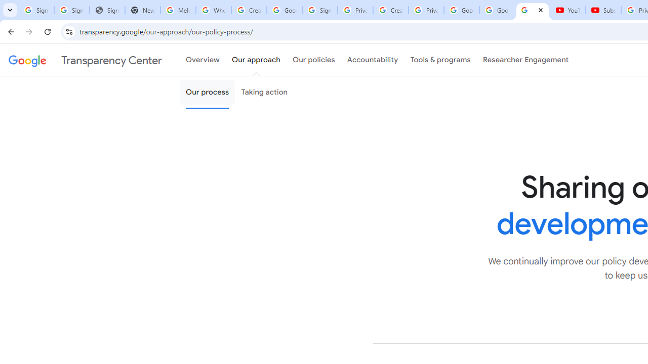  What do you see at coordinates (319, 10) in the screenshot?
I see `'Sign in - Google Accounts'` at bounding box center [319, 10].